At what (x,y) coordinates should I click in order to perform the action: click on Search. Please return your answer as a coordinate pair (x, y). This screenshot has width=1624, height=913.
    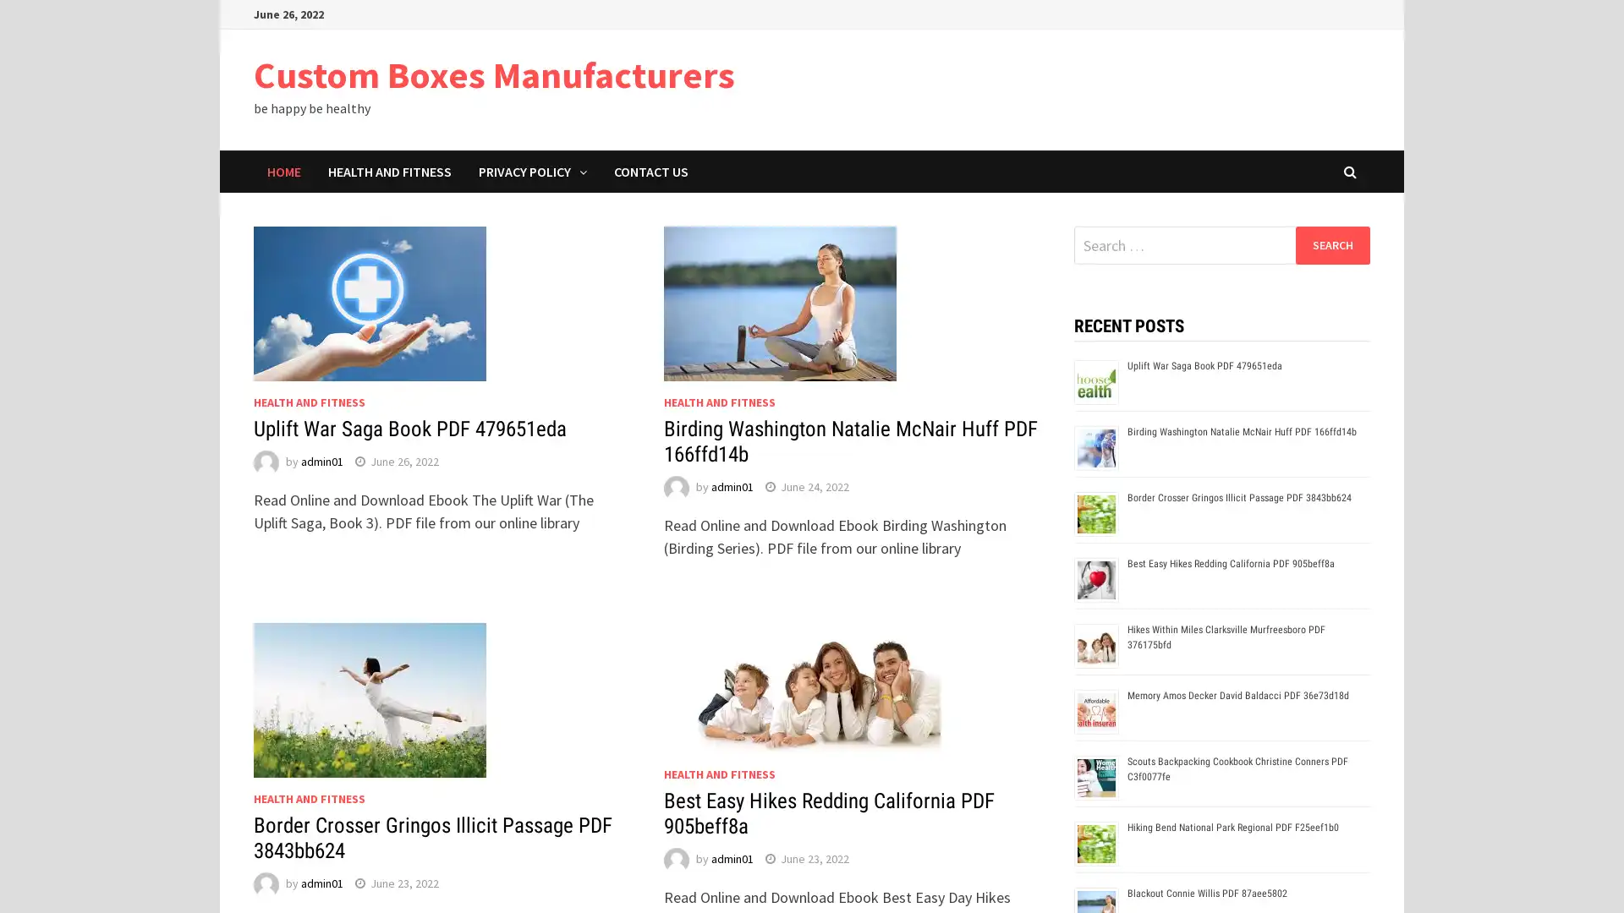
    Looking at the image, I should click on (1331, 244).